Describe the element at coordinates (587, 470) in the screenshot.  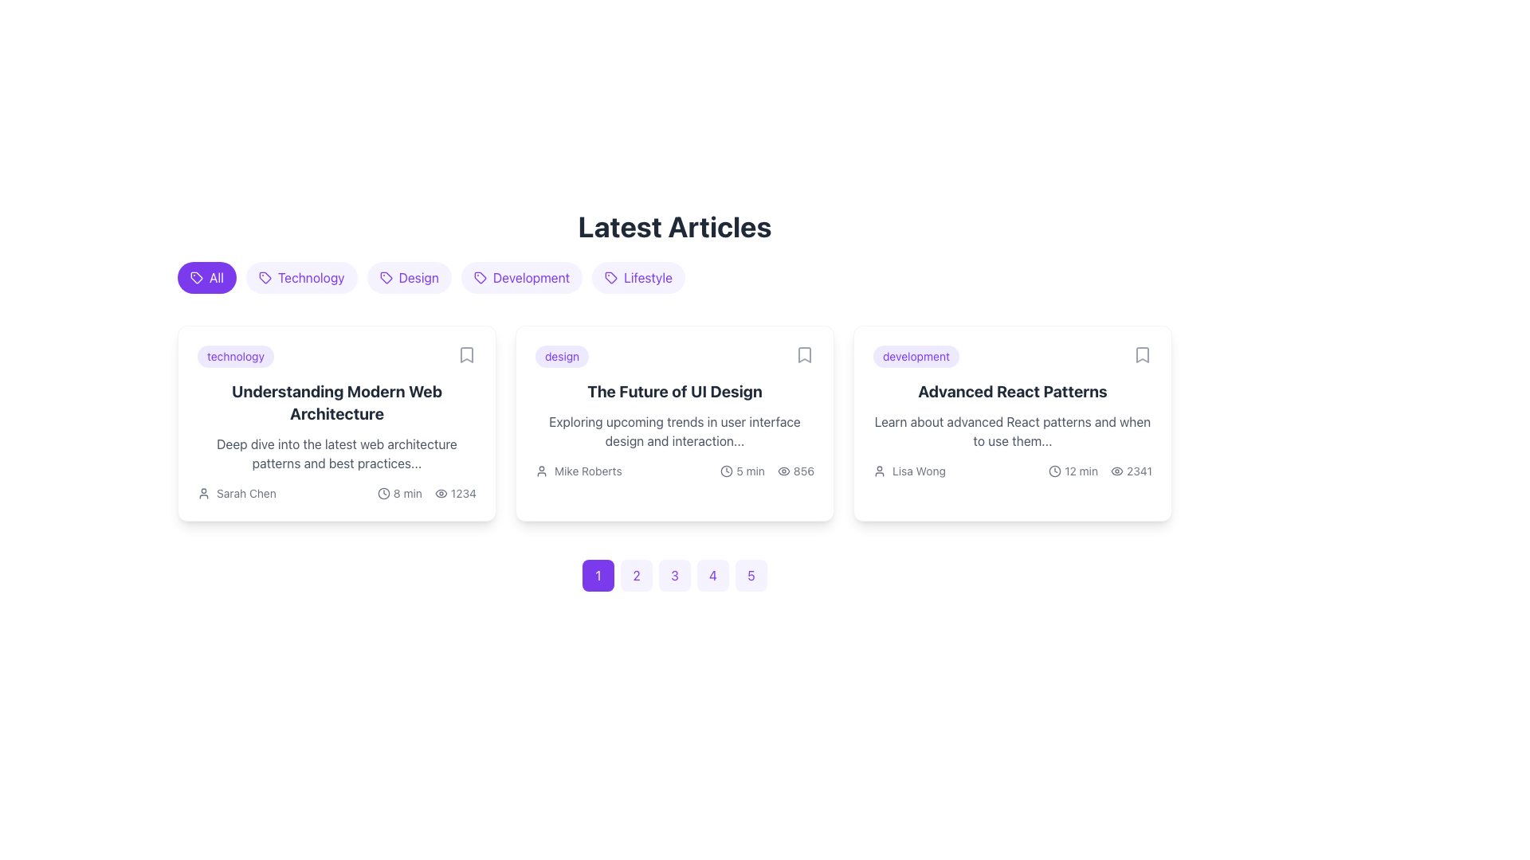
I see `visible text of the Text Label displaying 'Mike Roberts', which is positioned to the right of a user icon within an article card` at that location.